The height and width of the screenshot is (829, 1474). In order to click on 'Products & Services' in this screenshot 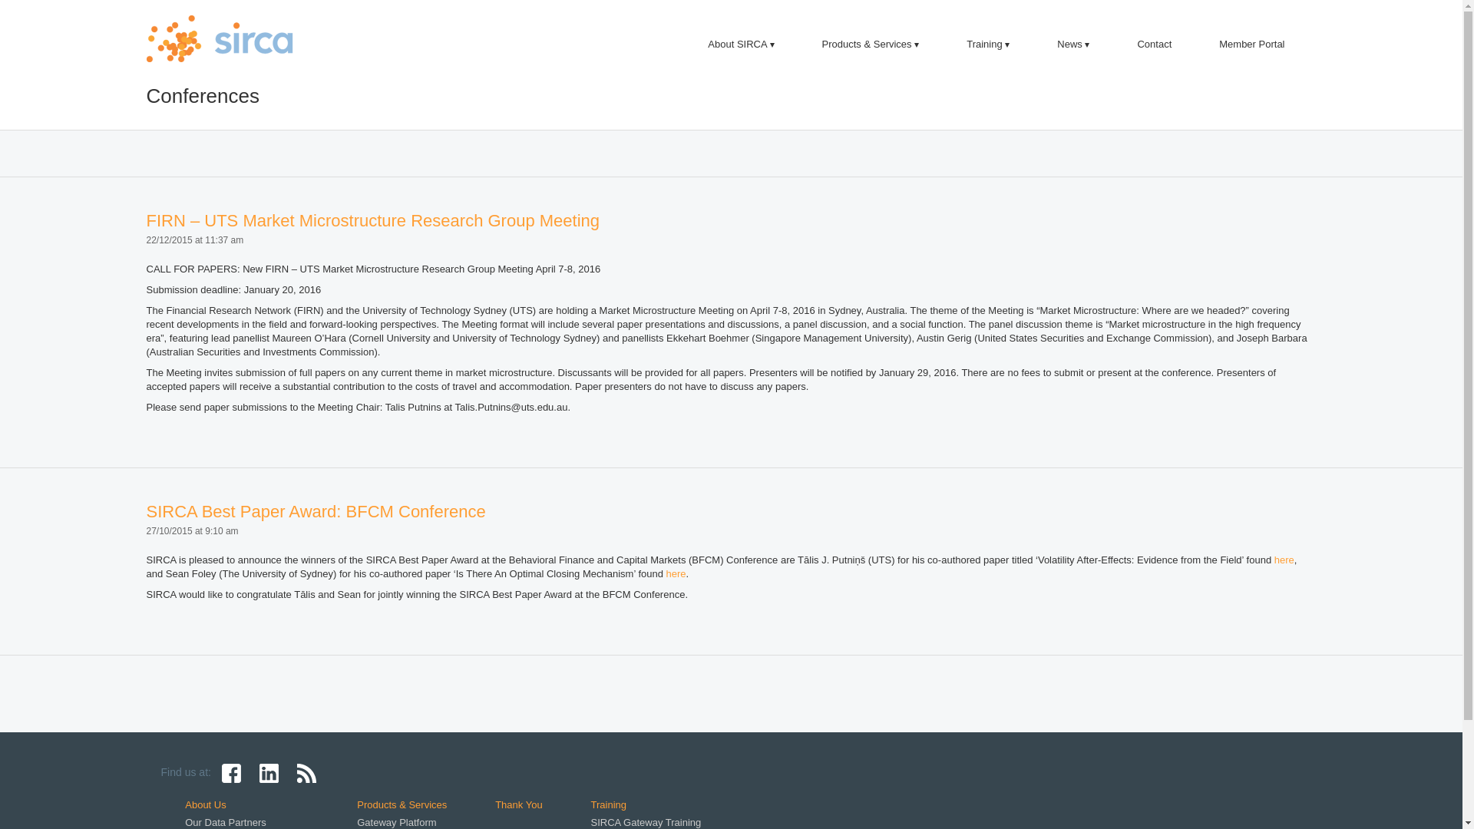, I will do `click(871, 43)`.